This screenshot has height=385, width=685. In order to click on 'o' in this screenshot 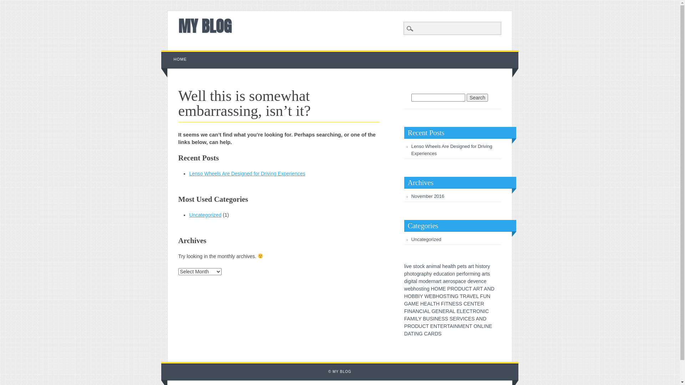, I will do `click(411, 273)`.